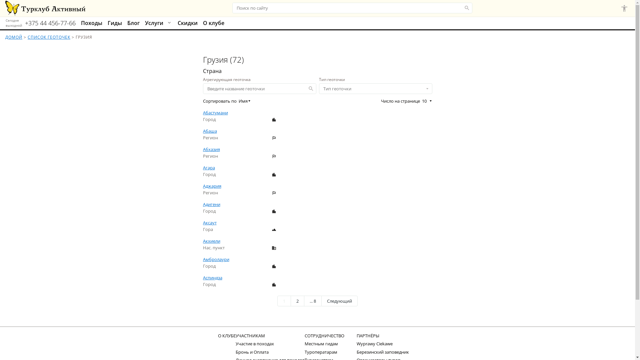  I want to click on '... 8', so click(312, 301).